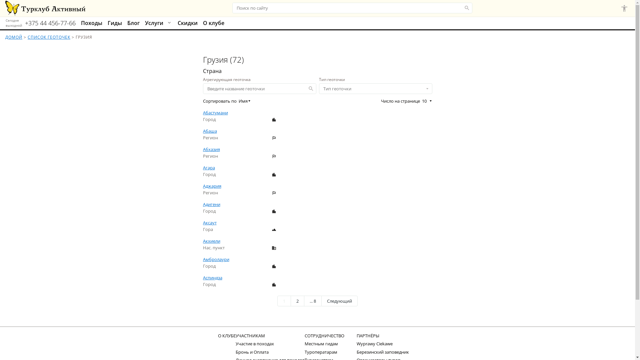  I want to click on '... 8', so click(312, 301).